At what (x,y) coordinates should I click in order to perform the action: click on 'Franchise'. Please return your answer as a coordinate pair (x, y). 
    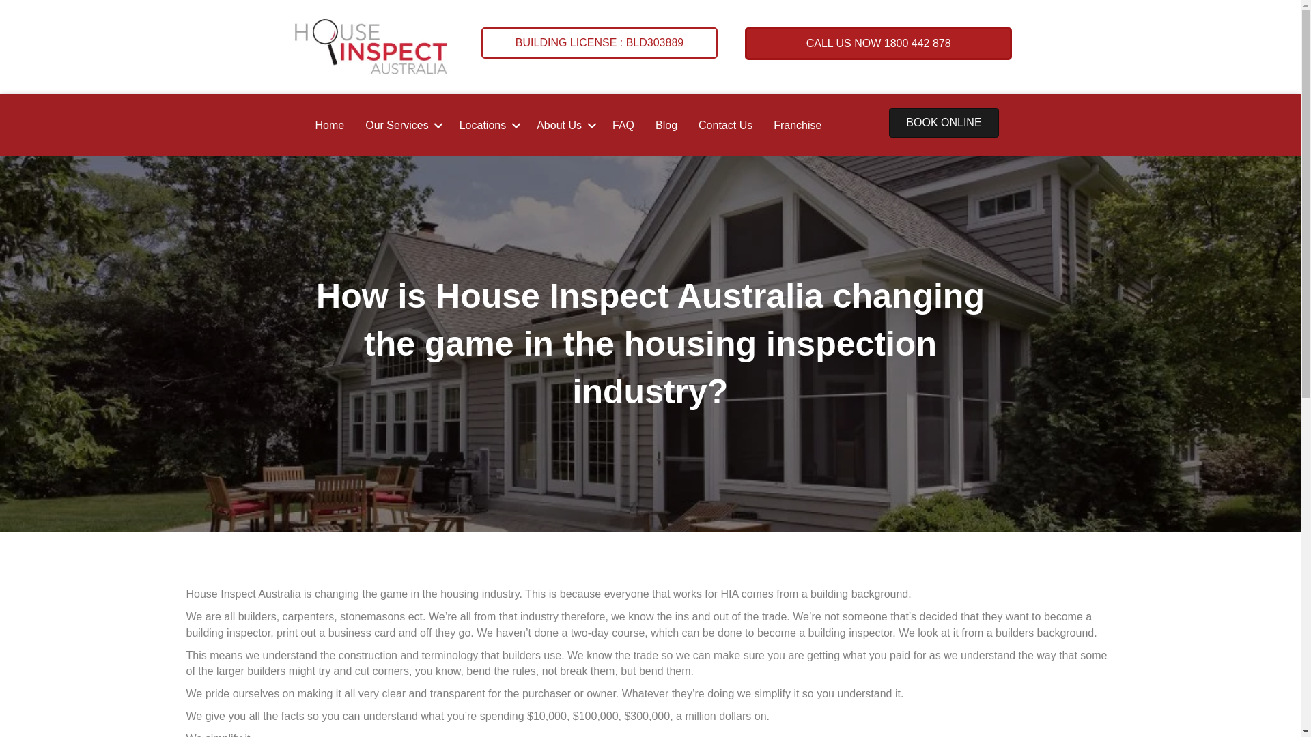
    Looking at the image, I should click on (797, 125).